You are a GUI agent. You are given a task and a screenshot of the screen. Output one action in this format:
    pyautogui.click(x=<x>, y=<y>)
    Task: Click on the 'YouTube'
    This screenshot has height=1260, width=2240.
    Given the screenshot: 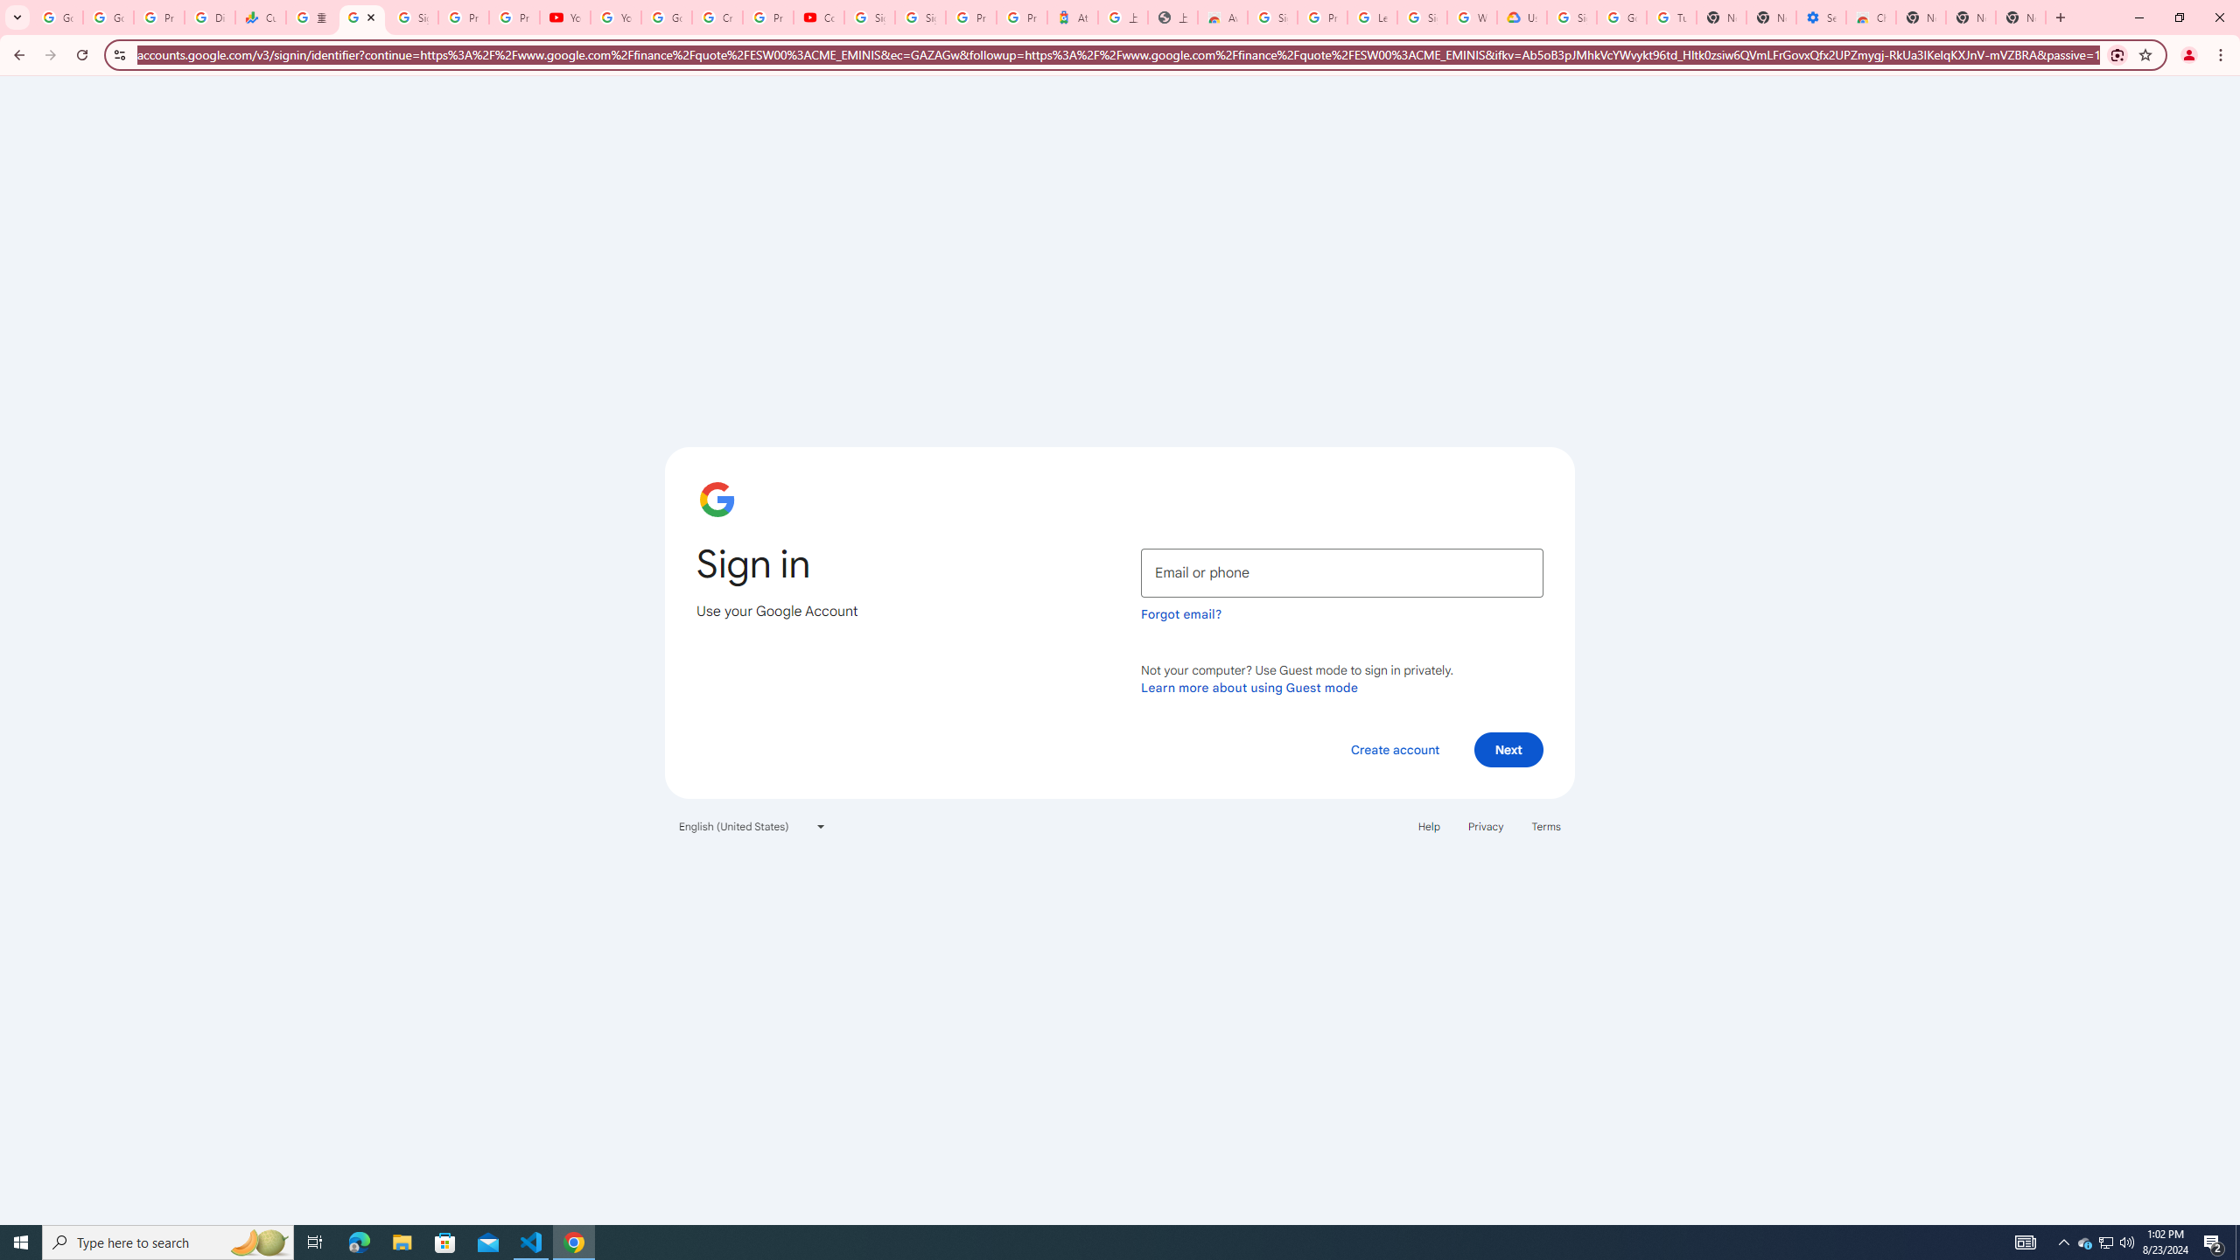 What is the action you would take?
    pyautogui.click(x=616, y=17)
    